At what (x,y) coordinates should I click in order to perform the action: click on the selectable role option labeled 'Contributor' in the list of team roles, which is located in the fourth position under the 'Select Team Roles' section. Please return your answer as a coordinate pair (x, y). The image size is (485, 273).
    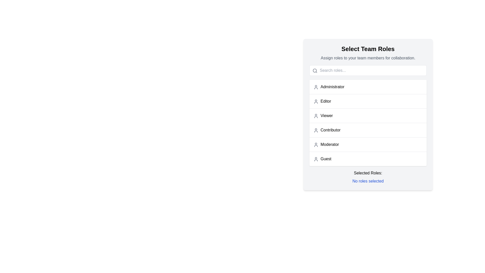
    Looking at the image, I should click on (327, 130).